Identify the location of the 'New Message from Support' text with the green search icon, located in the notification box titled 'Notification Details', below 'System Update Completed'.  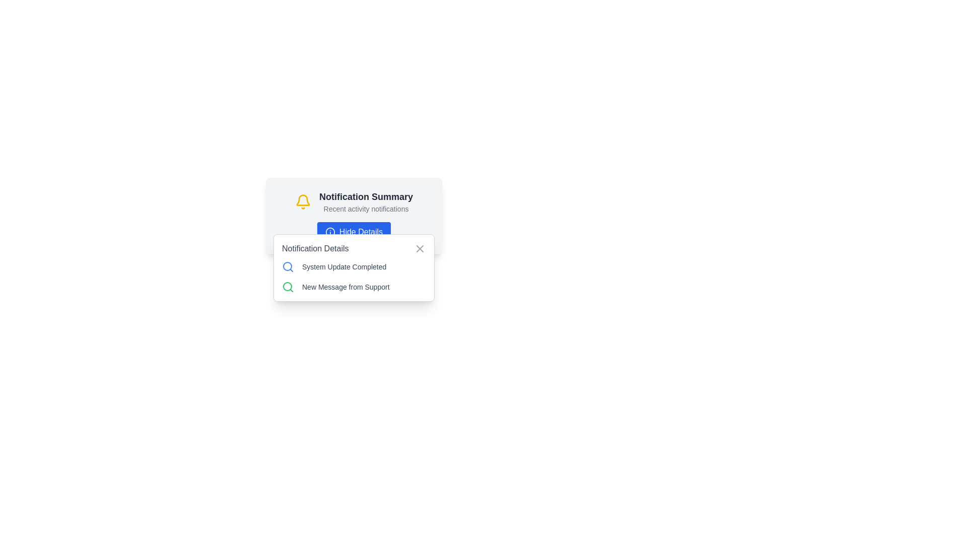
(354, 287).